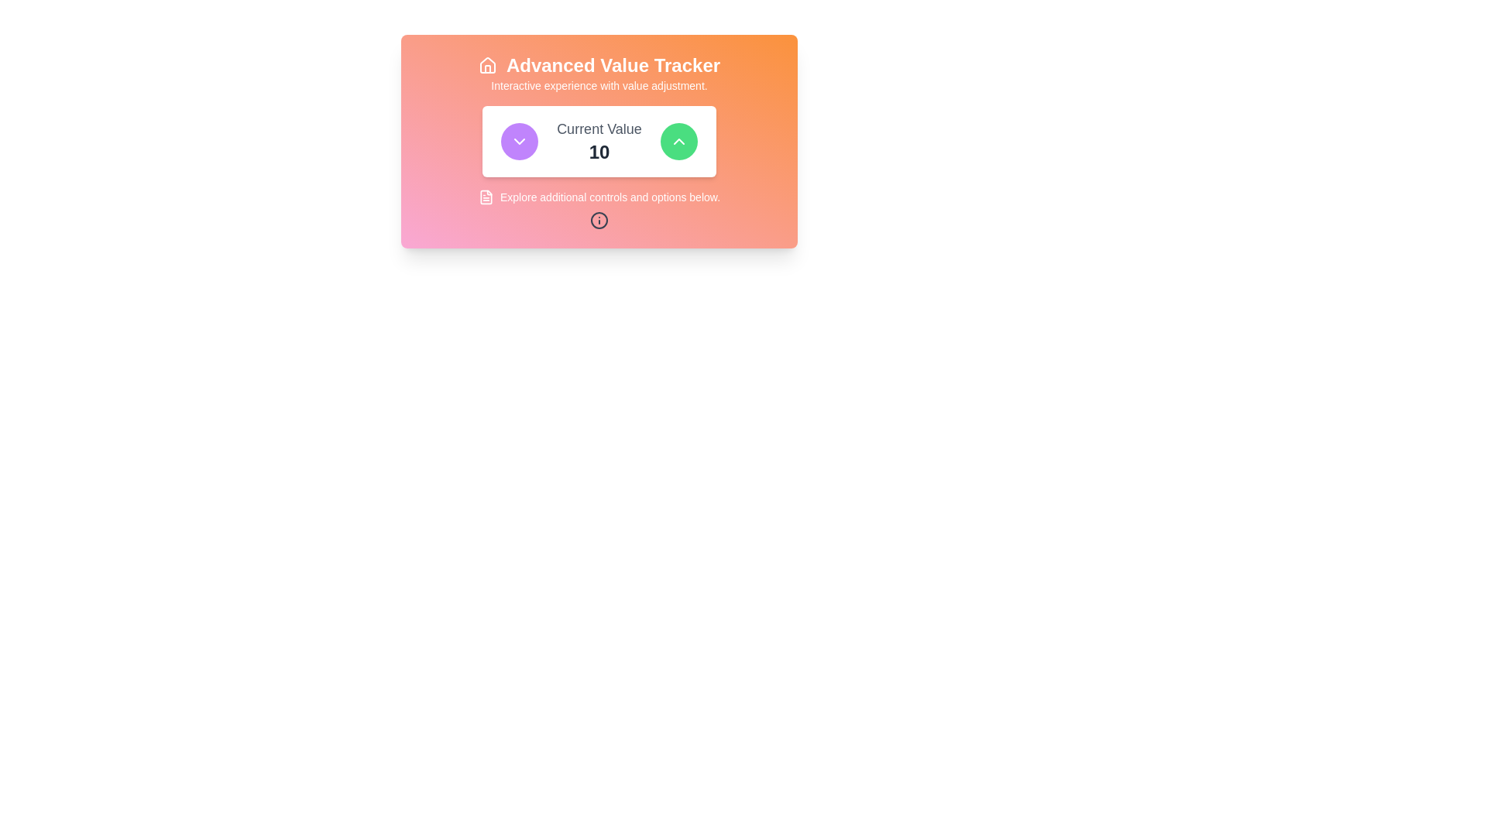 This screenshot has width=1487, height=836. What do you see at coordinates (486, 196) in the screenshot?
I see `the document icon styled in white, located to the left of the text 'Explore additional controls and options below.' in the footer of the colorful interface` at bounding box center [486, 196].